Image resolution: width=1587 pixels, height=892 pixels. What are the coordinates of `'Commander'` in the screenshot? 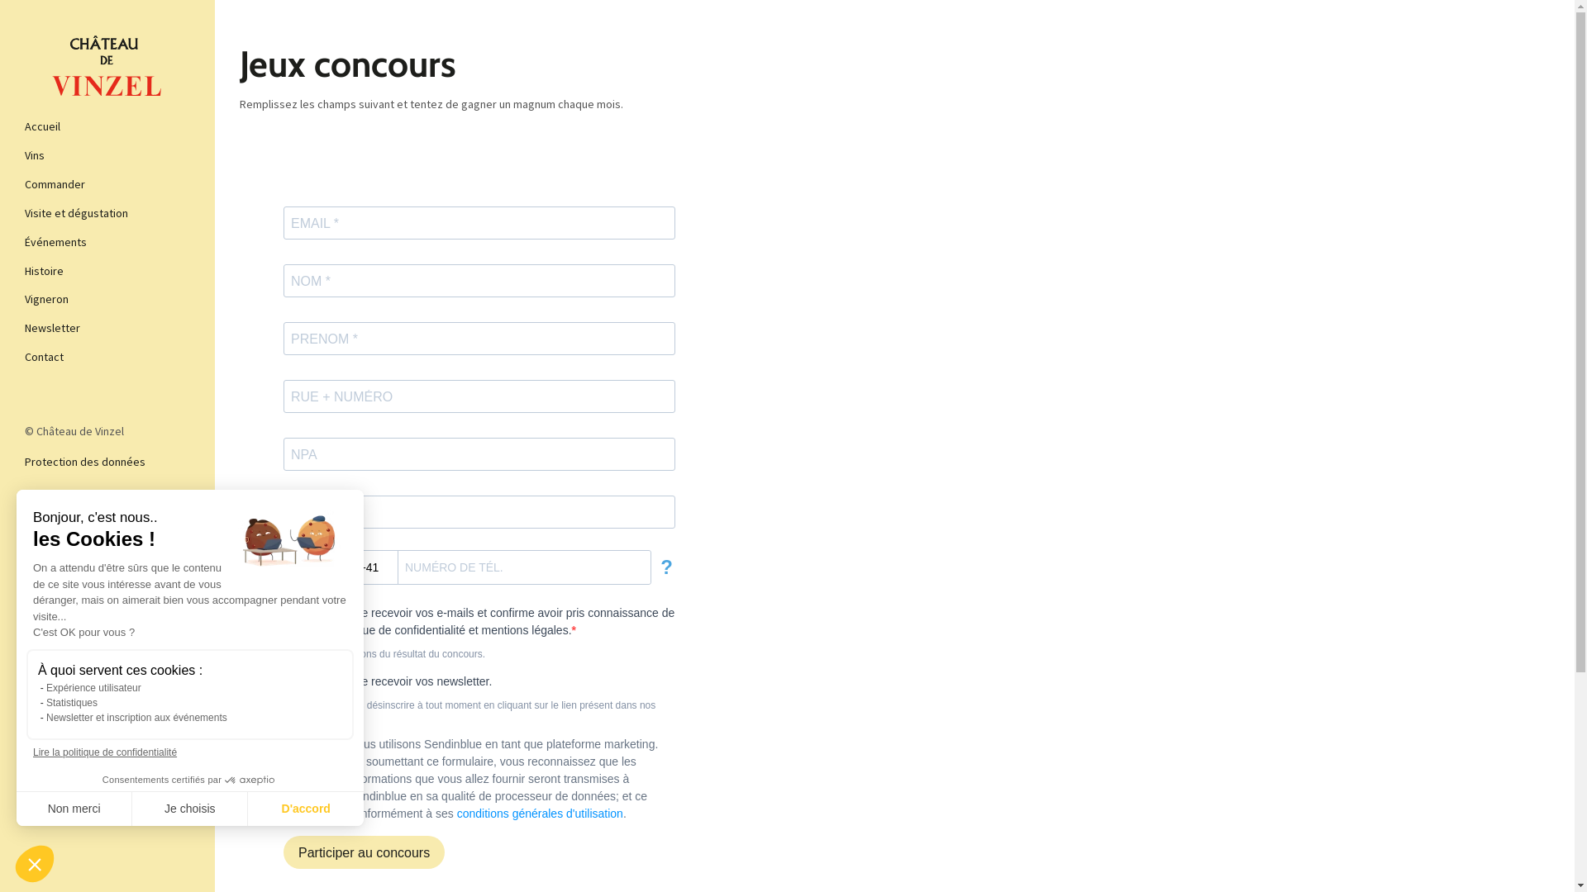 It's located at (24, 184).